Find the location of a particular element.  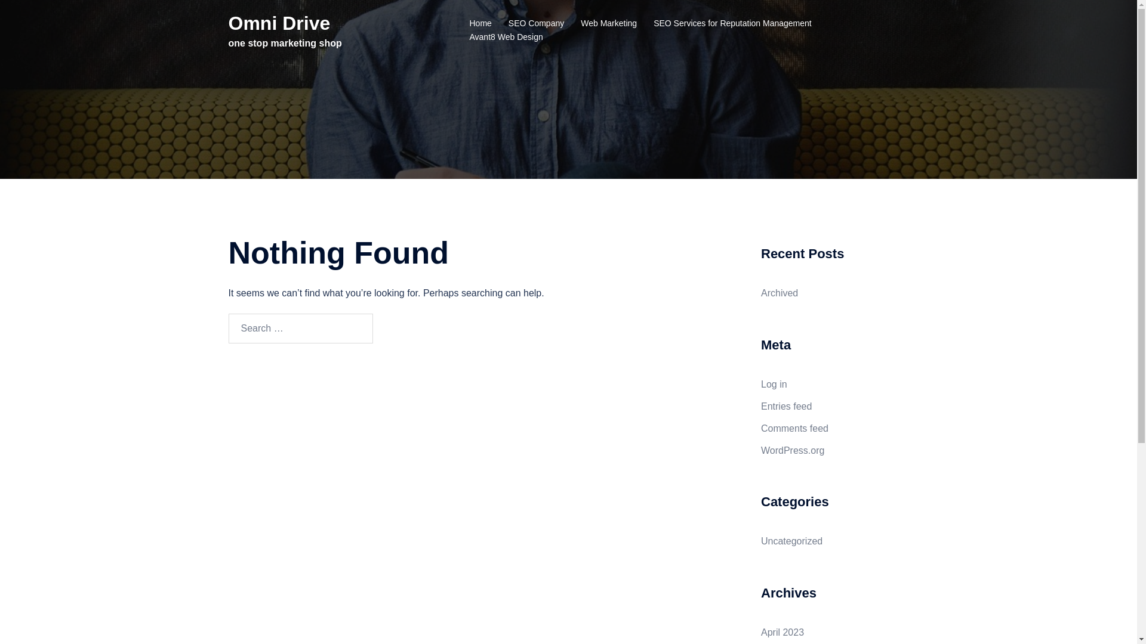

'Omni Drive' is located at coordinates (278, 23).